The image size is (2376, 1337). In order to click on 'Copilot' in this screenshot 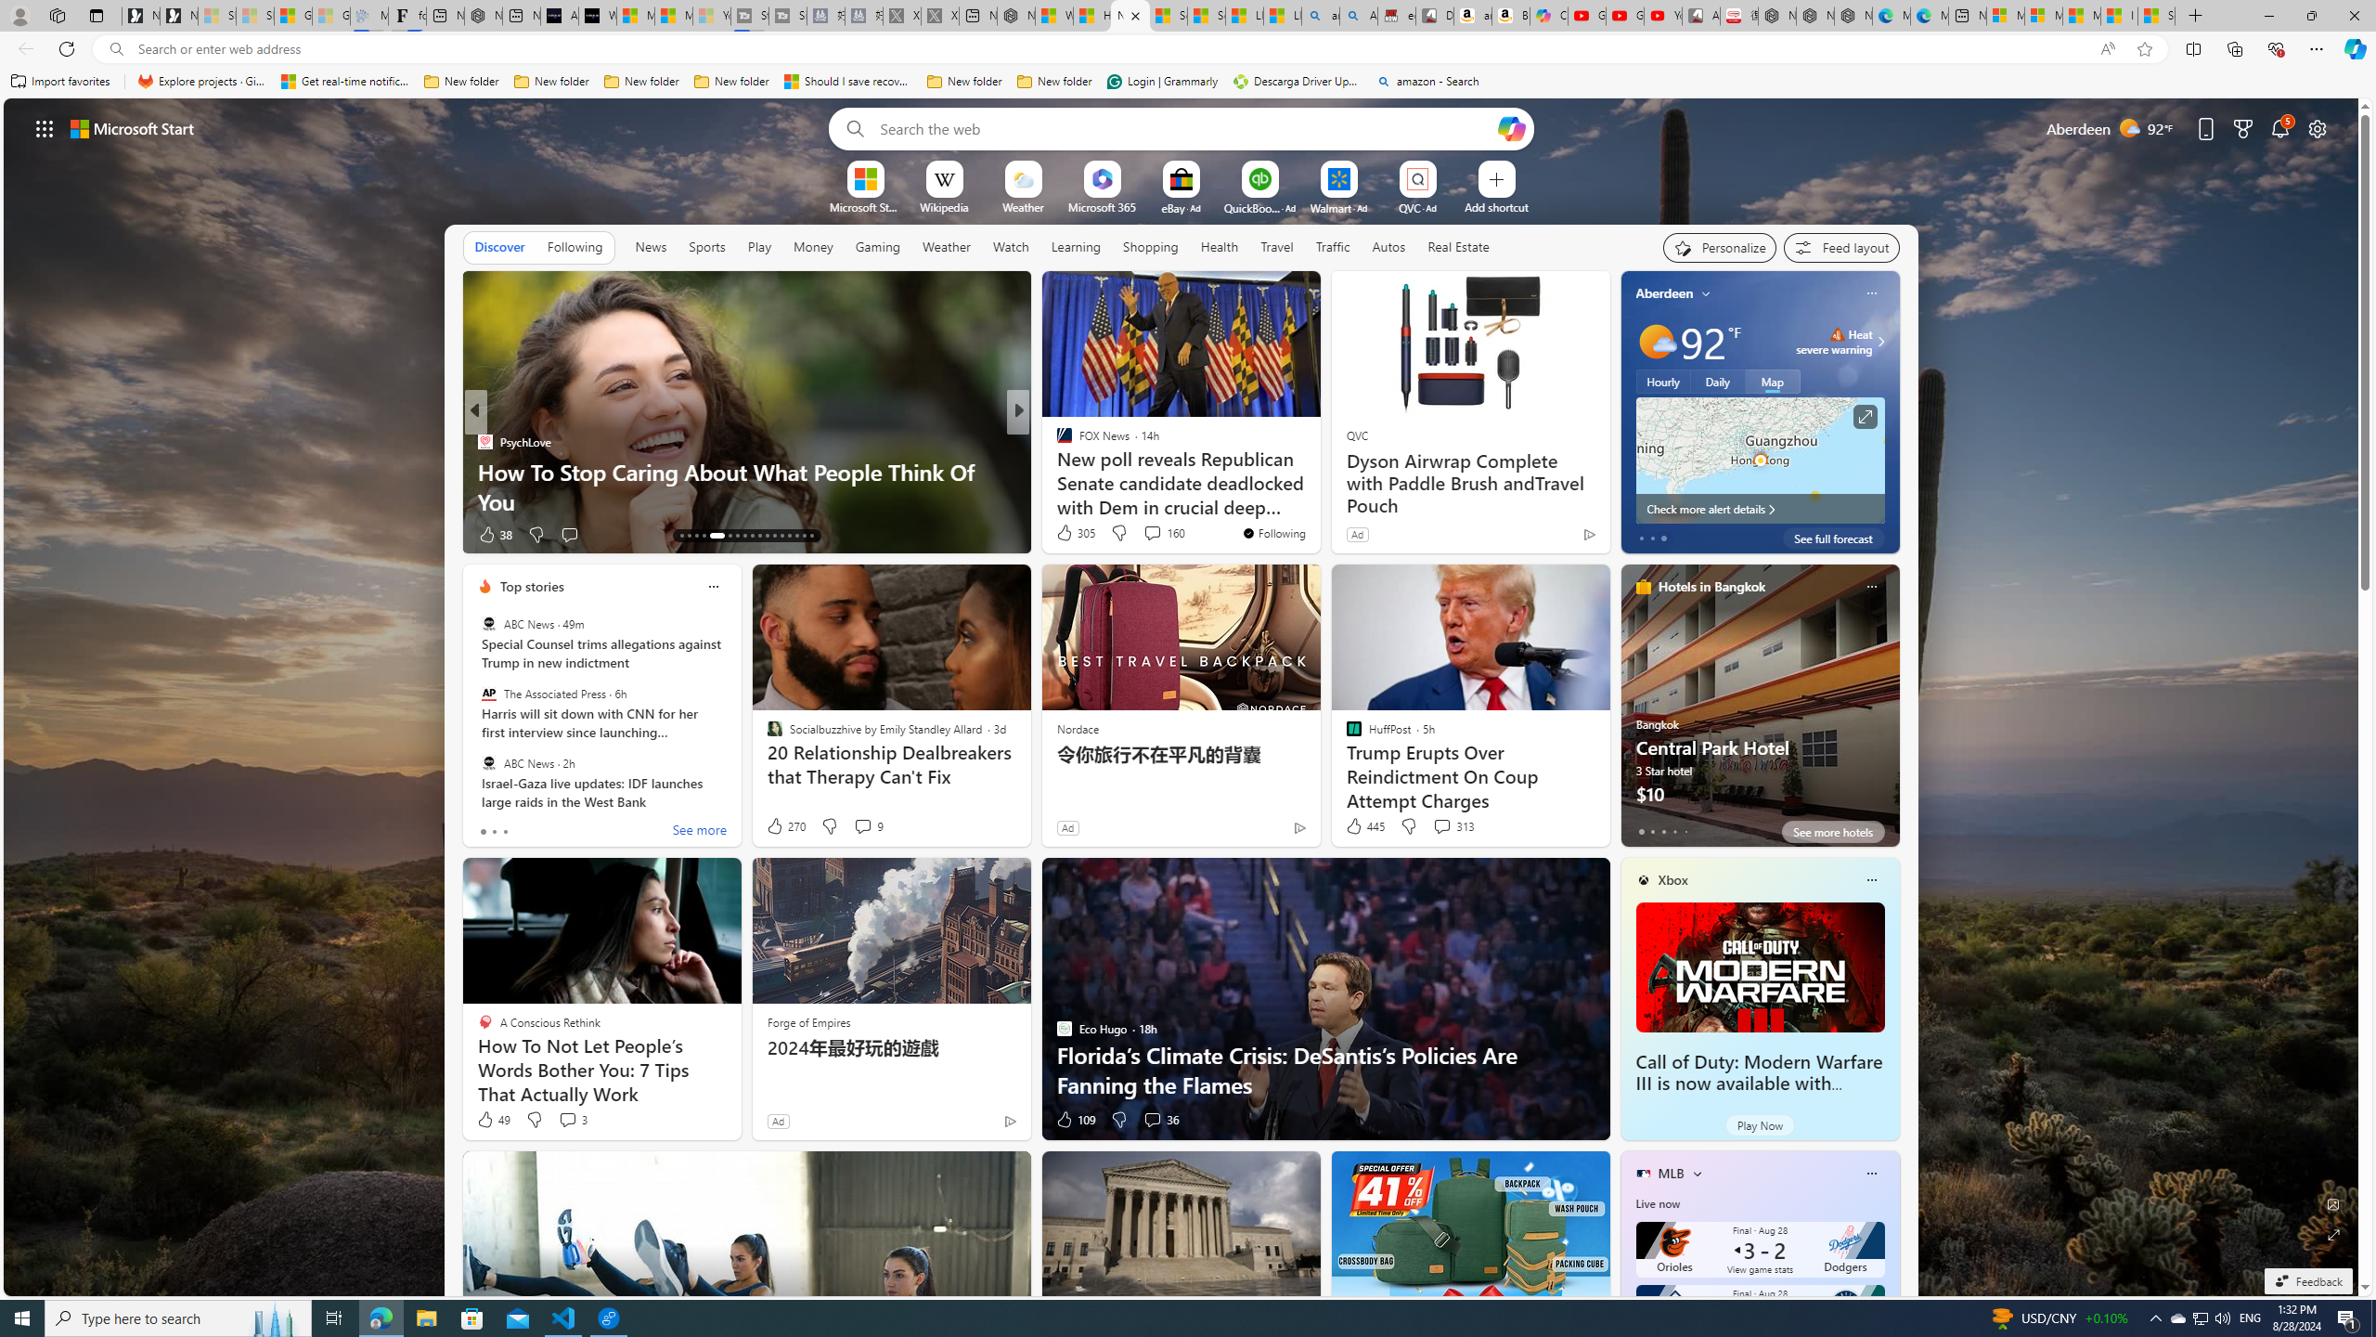, I will do `click(1548, 15)`.